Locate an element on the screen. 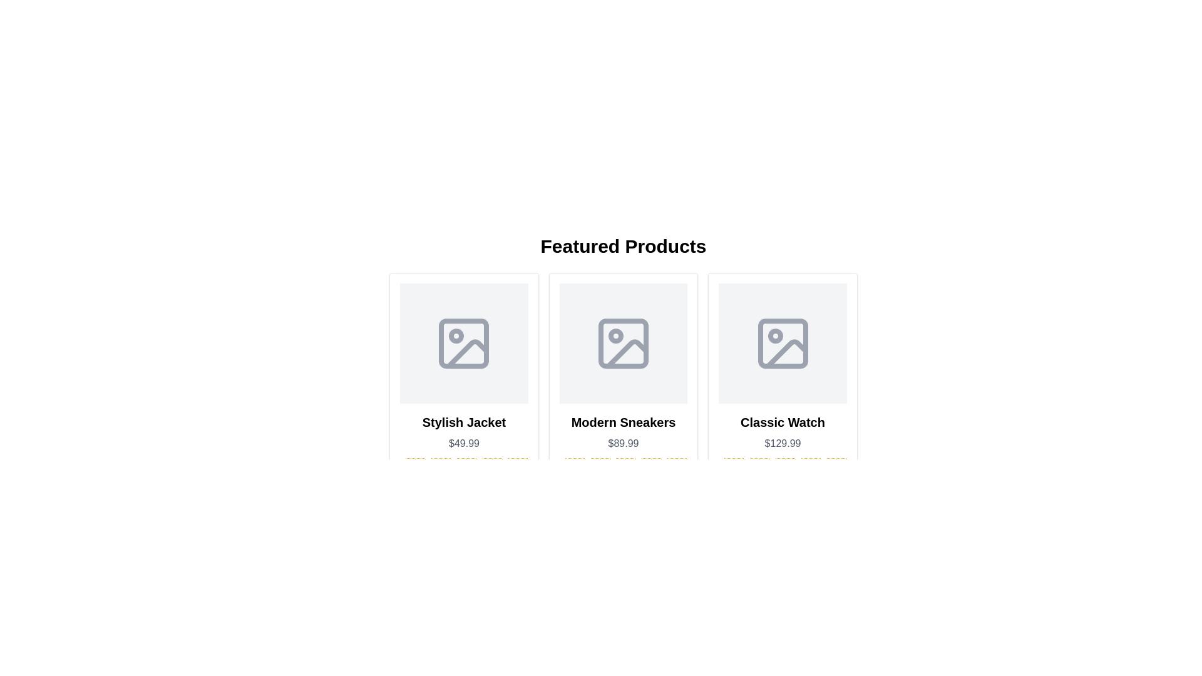 The width and height of the screenshot is (1202, 676). the image placeholder at the top of the 'Stylish Jacket' product card to associate it with the product representation is located at coordinates (463, 343).